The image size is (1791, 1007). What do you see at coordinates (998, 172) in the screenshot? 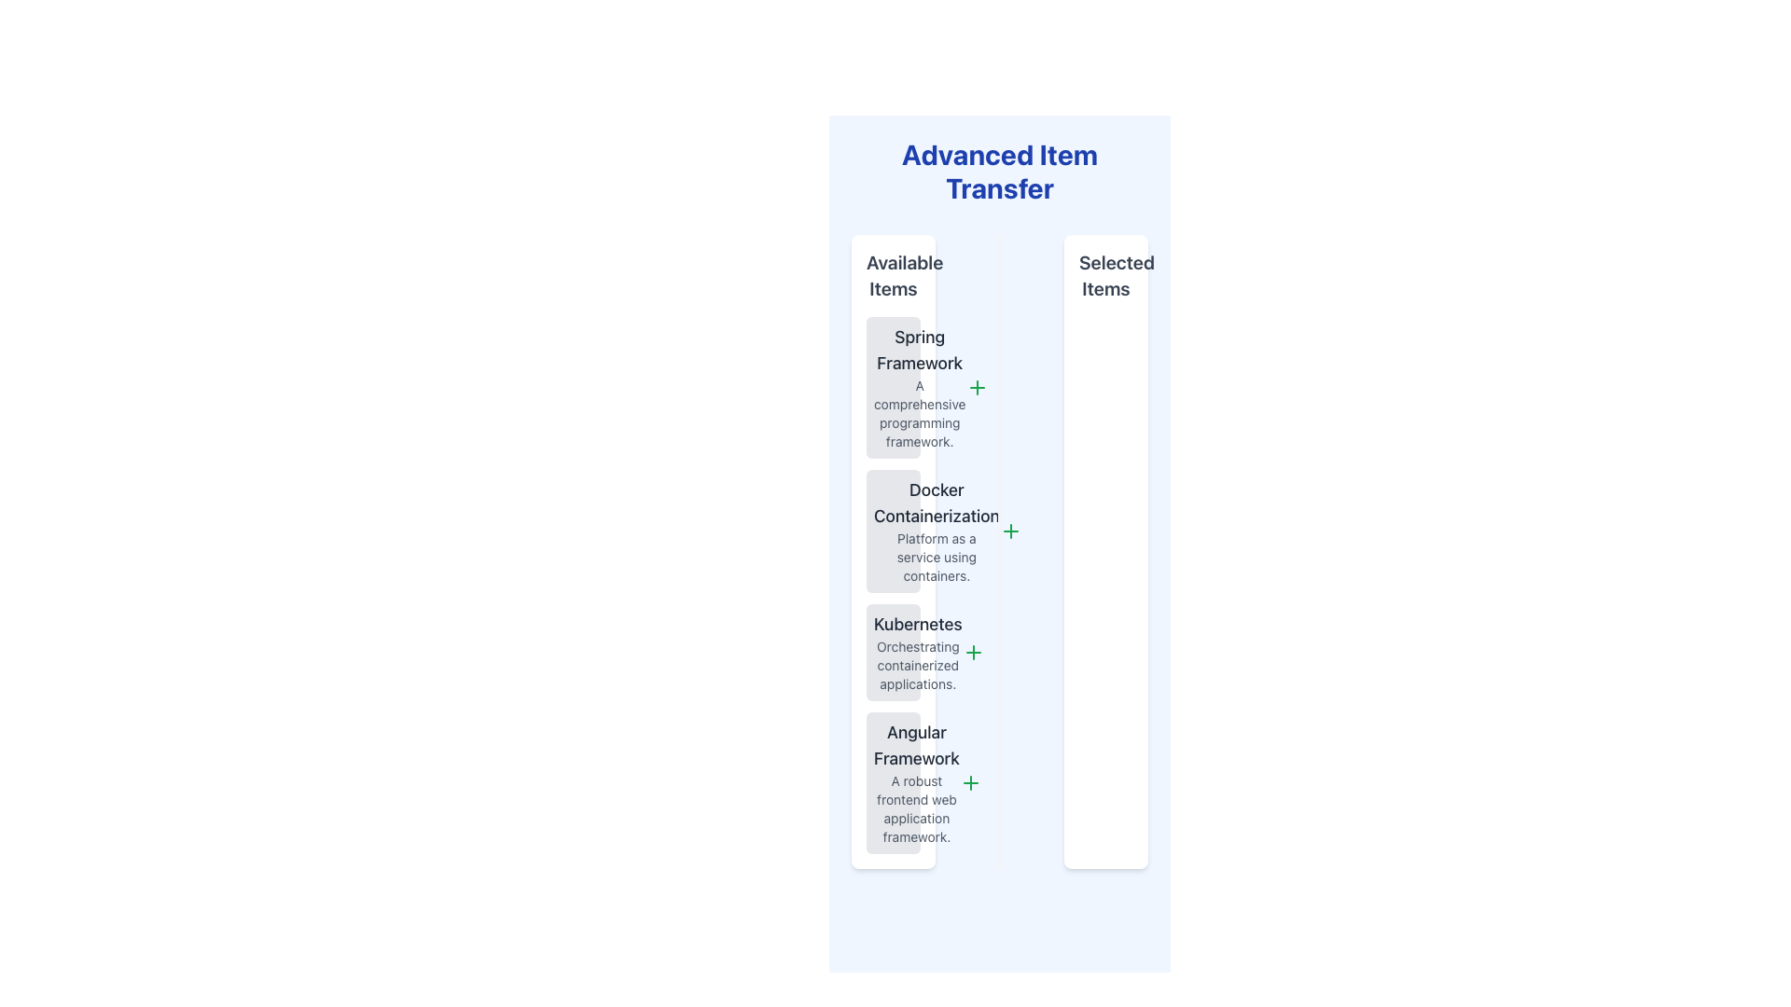
I see `the header text element that serves as the title for the interface, located at the top center of the layout` at bounding box center [998, 172].